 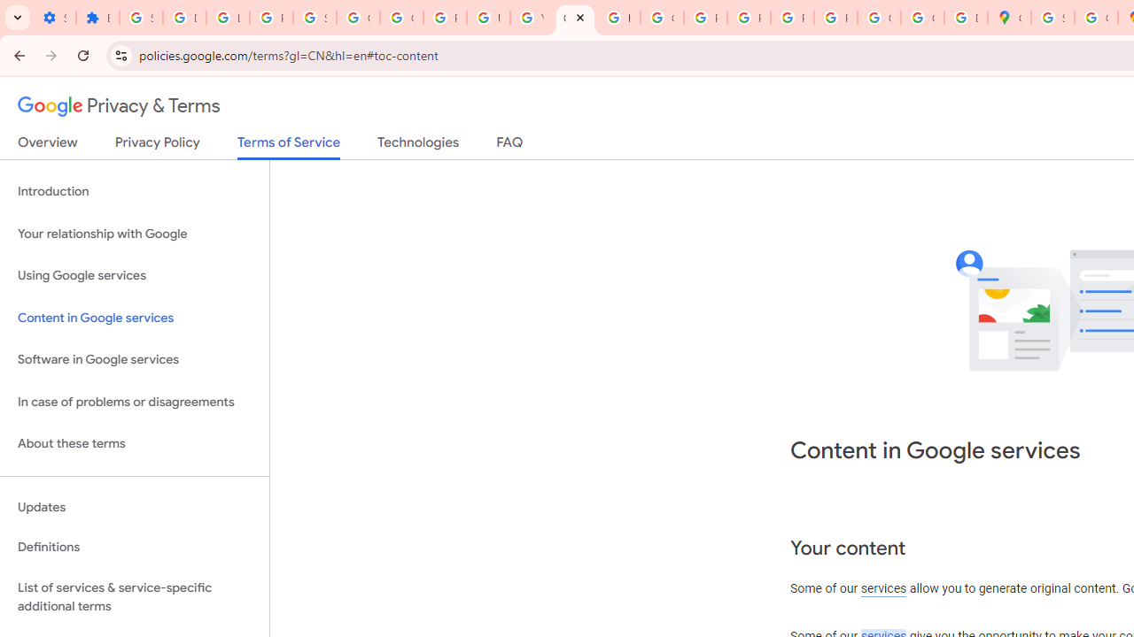 I want to click on 'YouTube', so click(x=531, y=18).